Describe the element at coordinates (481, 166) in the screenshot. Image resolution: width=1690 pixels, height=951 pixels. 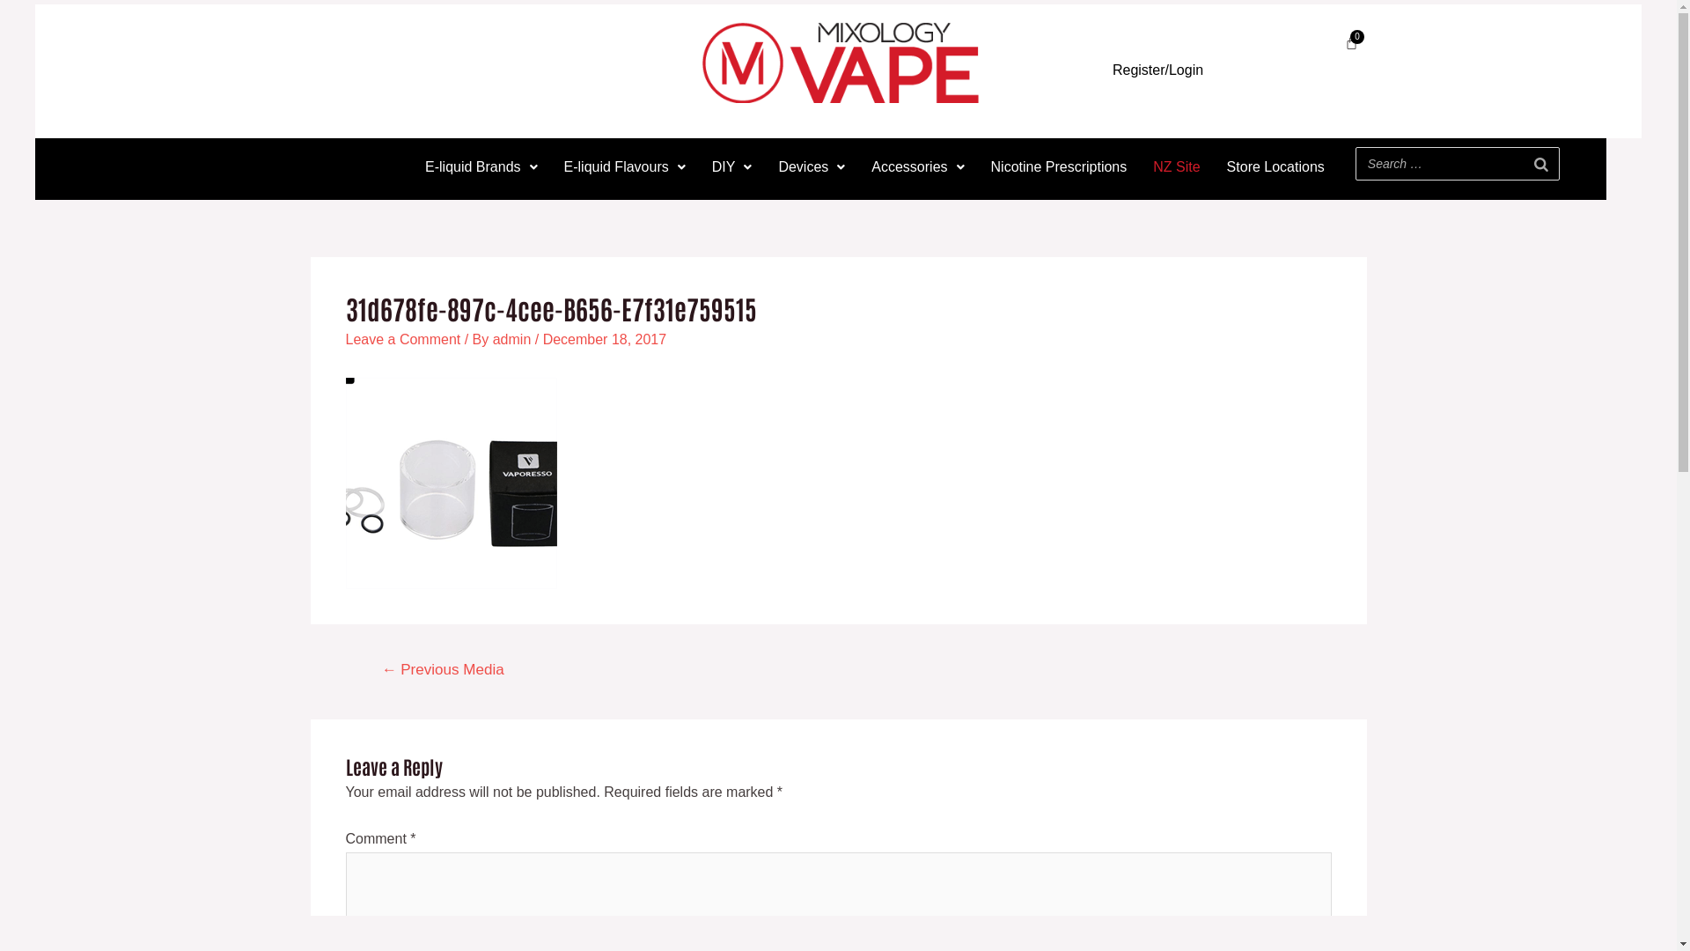
I see `'E-liquid Brands'` at that location.